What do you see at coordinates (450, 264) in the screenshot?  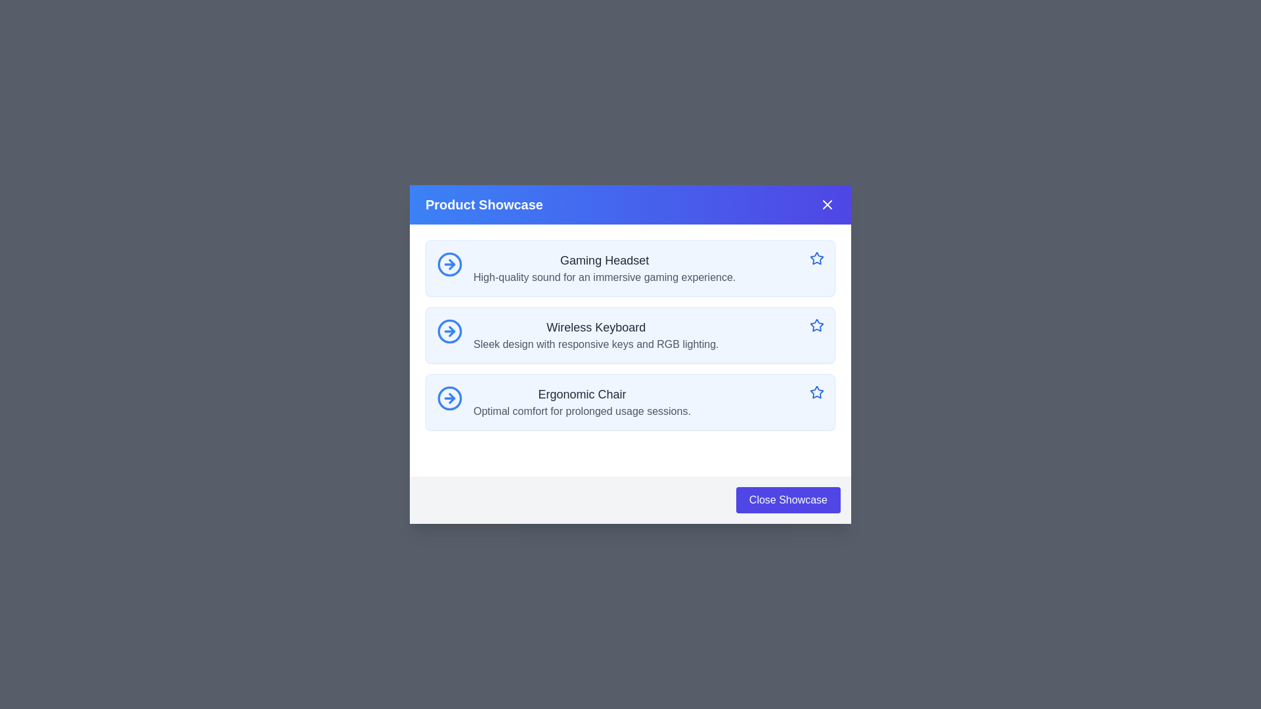 I see `the blue circular icon with a right-pointing arrow located next to the text 'Gaming Headset'` at bounding box center [450, 264].